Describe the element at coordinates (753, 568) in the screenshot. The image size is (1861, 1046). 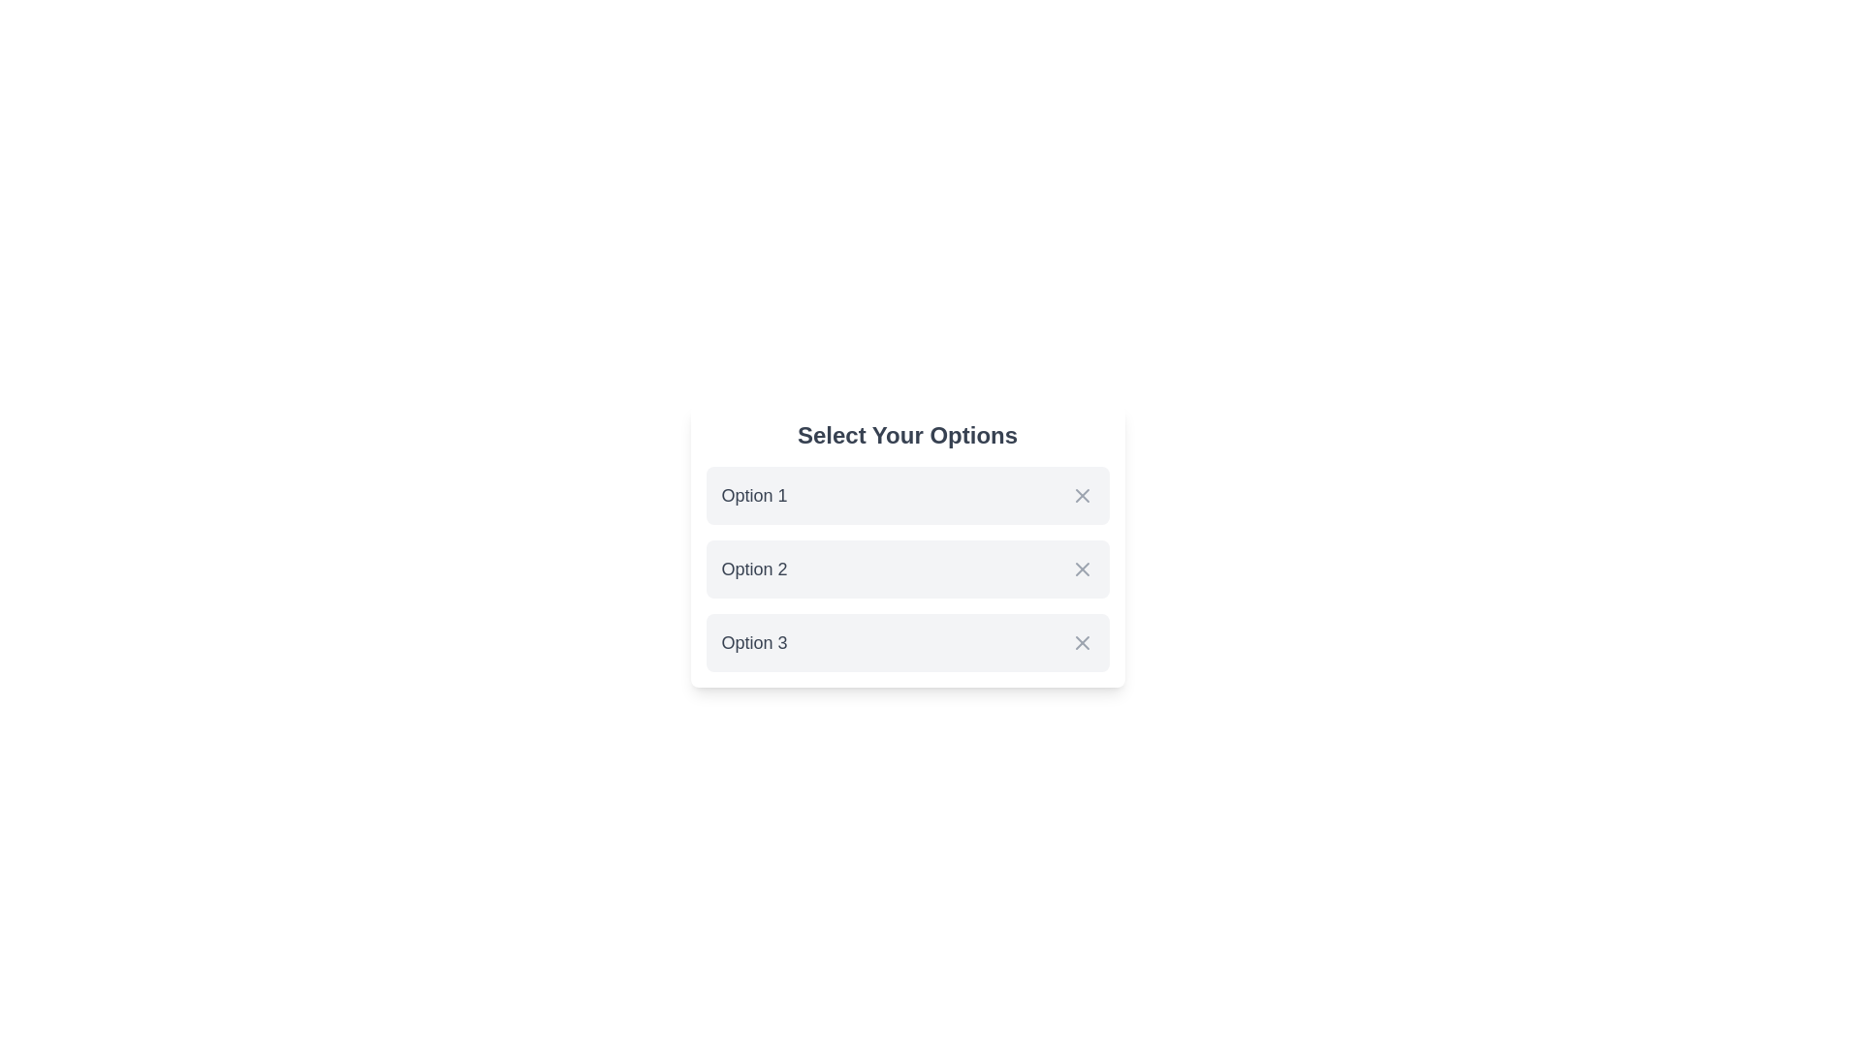
I see `the text label reading 'Option 2', which is centrally positioned in a selection box and is the second option in a vertically arranged list` at that location.